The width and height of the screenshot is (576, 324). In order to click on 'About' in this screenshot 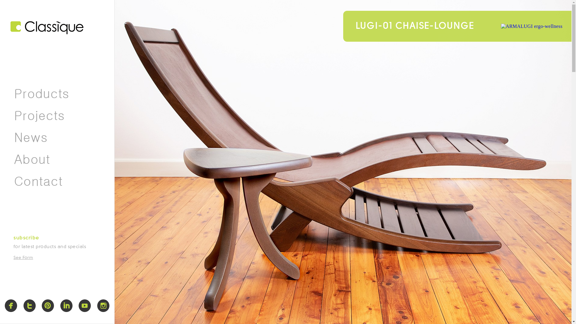, I will do `click(31, 159)`.